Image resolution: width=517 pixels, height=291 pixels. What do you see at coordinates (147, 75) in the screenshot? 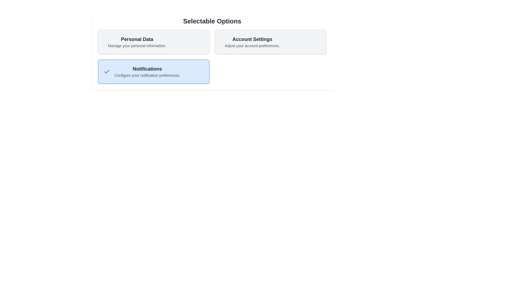
I see `the static text providing additional information about notifications, located directly below the 'Notifications' header and within a highlighted selectable section` at bounding box center [147, 75].